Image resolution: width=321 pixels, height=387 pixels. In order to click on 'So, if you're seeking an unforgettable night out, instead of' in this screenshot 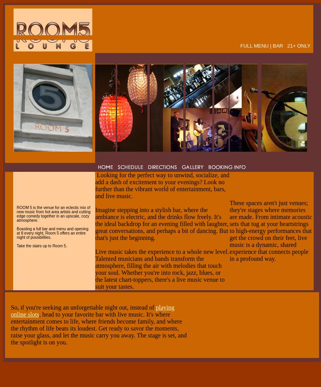, I will do `click(82, 307)`.